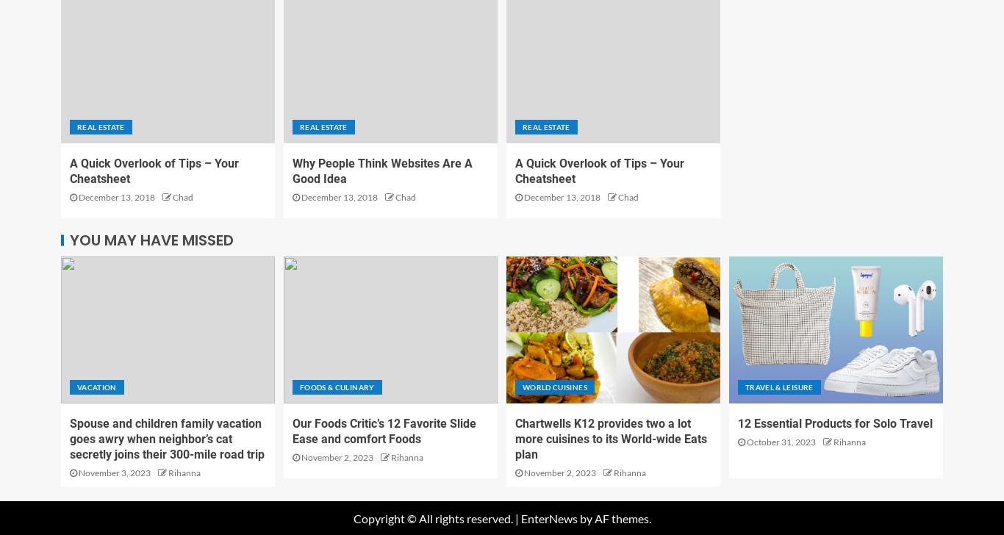 Image resolution: width=1004 pixels, height=535 pixels. Describe the element at coordinates (613, 518) in the screenshot. I see `'by AF themes.'` at that location.